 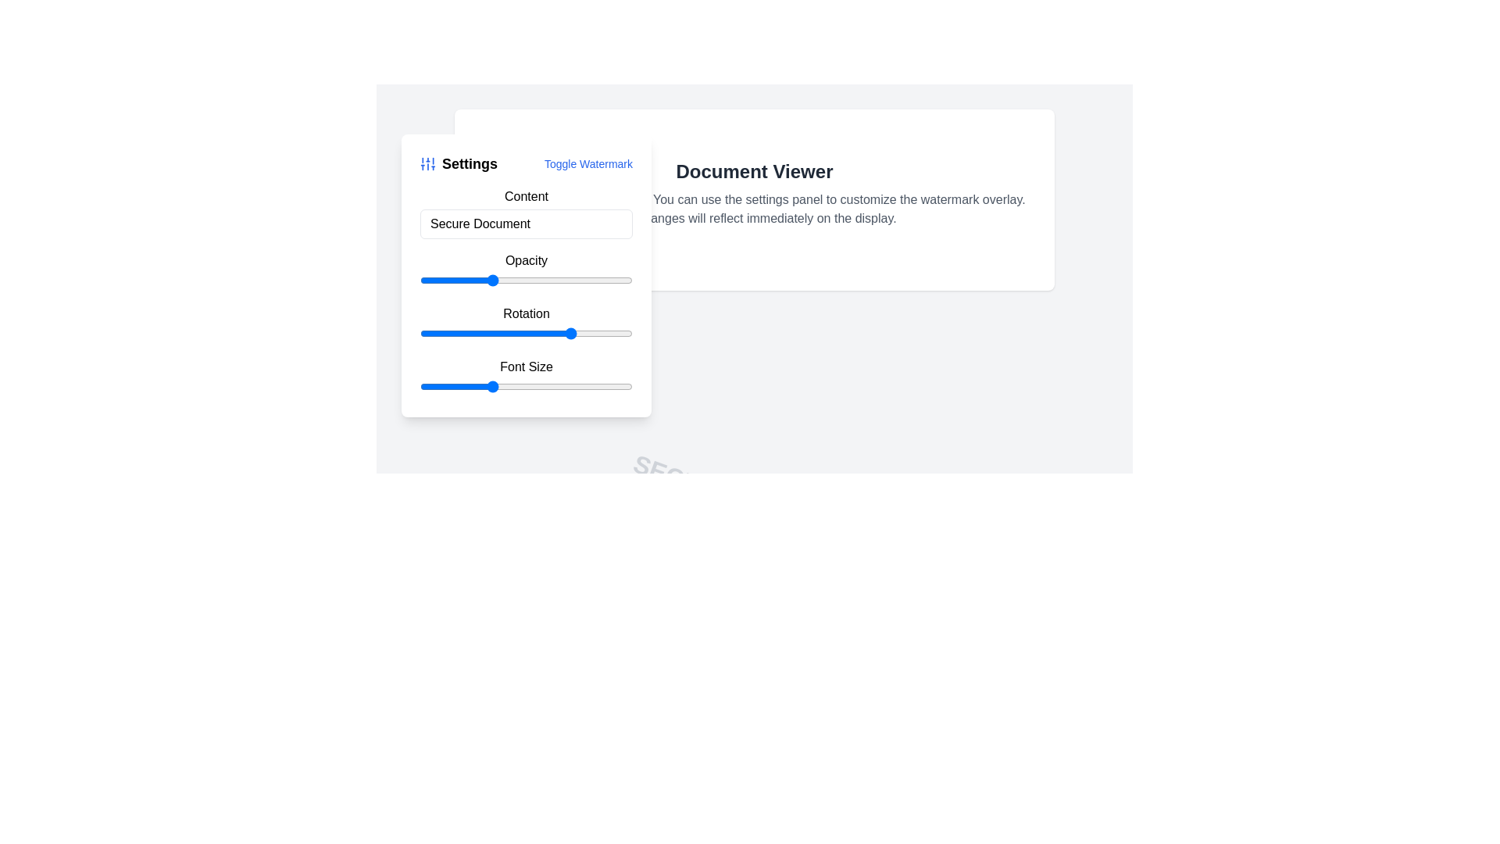 What do you see at coordinates (427, 163) in the screenshot?
I see `the decorative icon located in the top-left corner of the settings panel, which signifies adjustable parameters` at bounding box center [427, 163].